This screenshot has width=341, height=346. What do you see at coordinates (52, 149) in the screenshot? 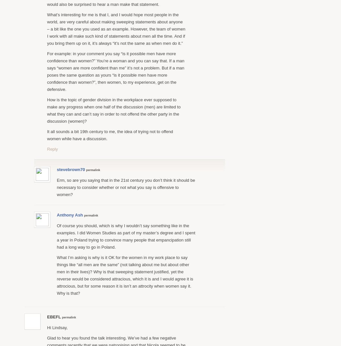
I see `'Reply'` at bounding box center [52, 149].